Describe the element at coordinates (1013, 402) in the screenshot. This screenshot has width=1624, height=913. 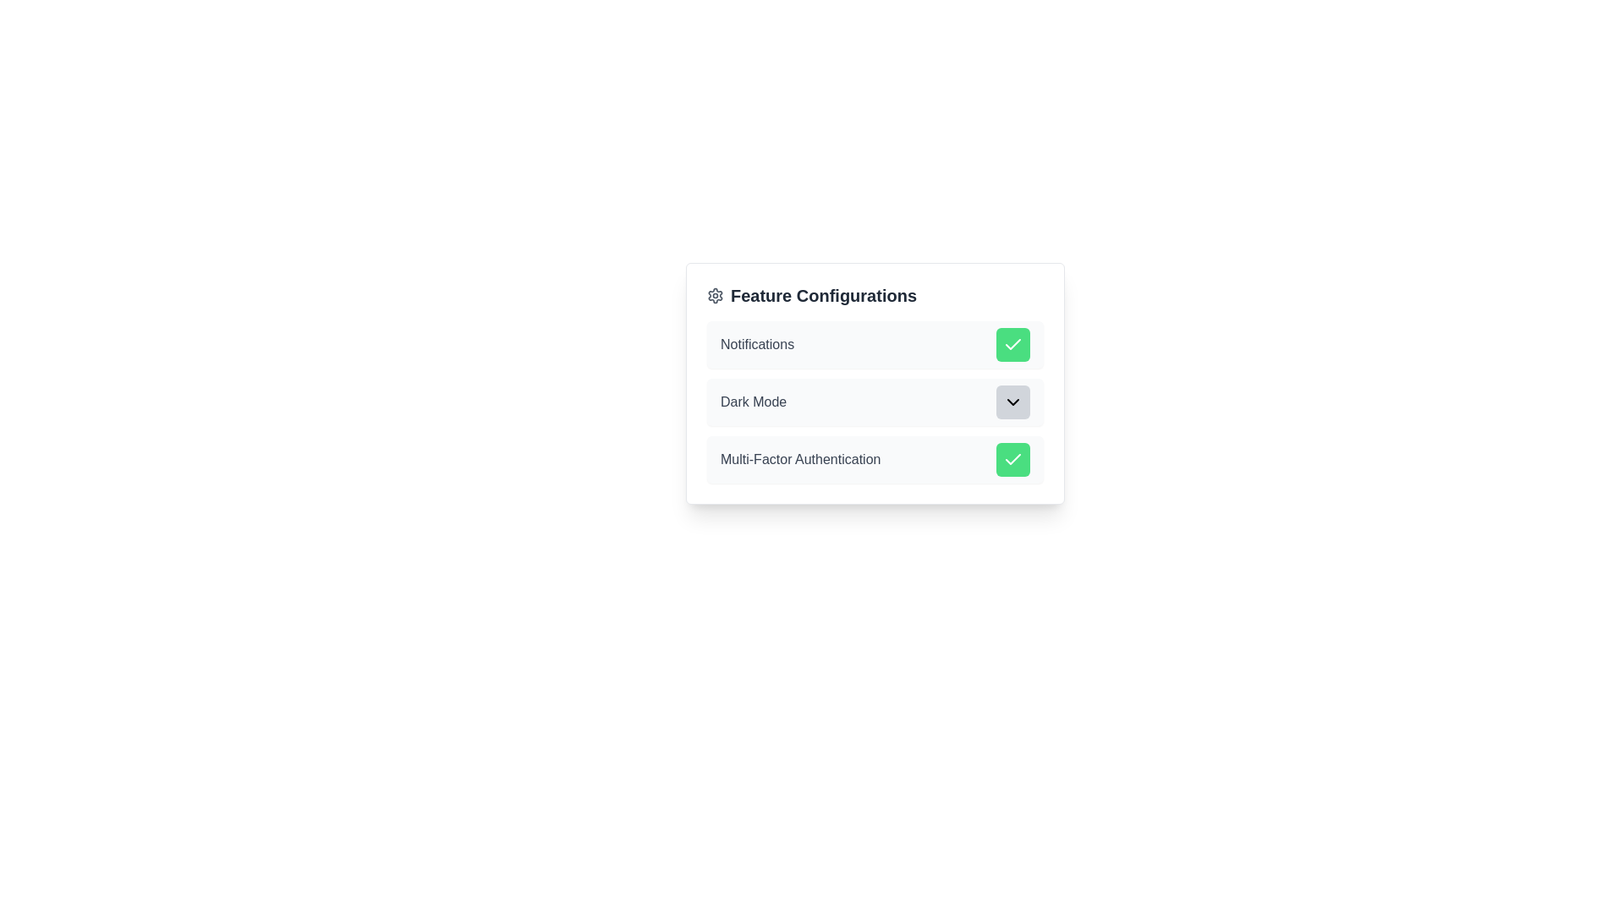
I see `the button with an embedded icon that expands or collapses the dropdown menu for the 'Dark Mode' feature to potentially show more options or settings` at that location.